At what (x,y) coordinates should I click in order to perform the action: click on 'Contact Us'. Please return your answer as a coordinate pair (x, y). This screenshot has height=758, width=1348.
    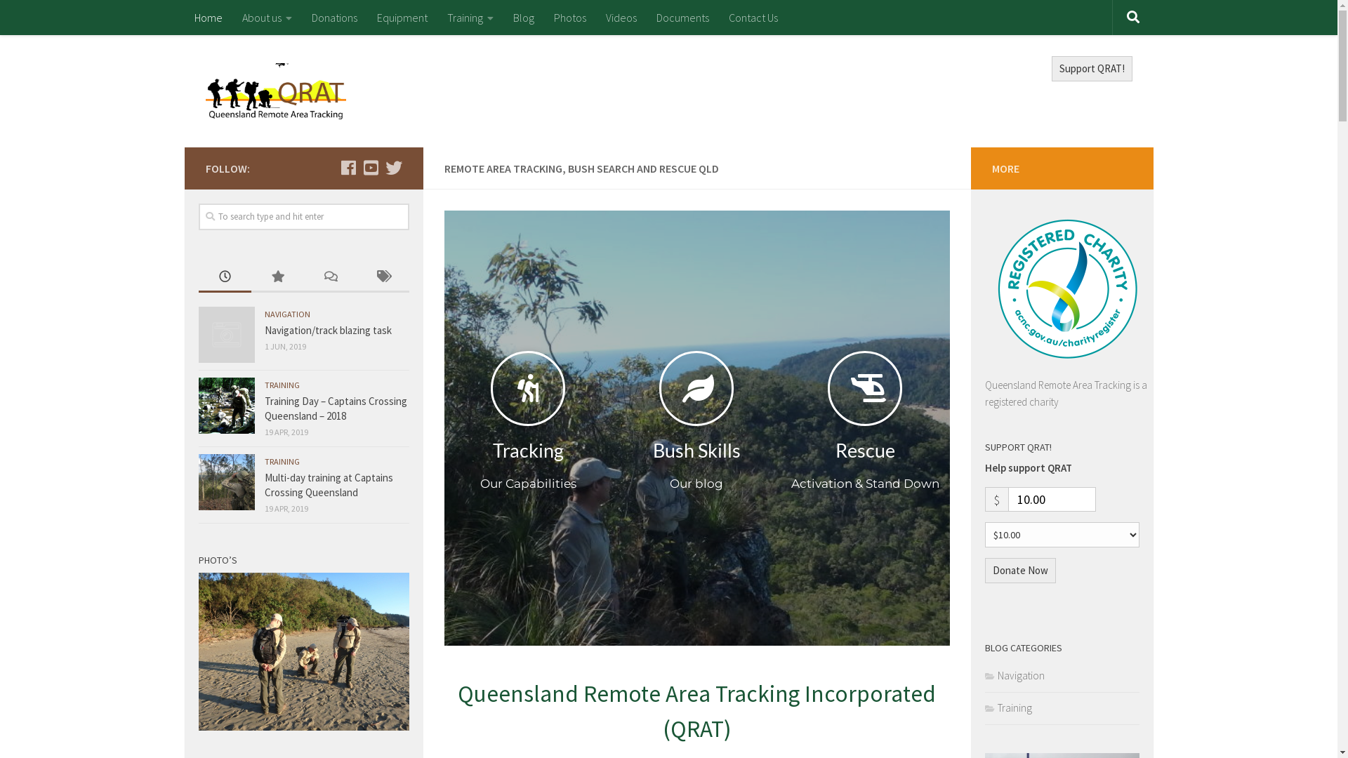
    Looking at the image, I should click on (753, 17).